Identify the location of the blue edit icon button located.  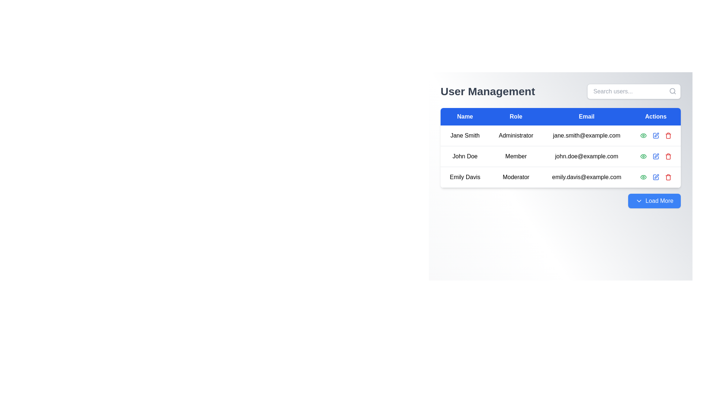
(656, 177).